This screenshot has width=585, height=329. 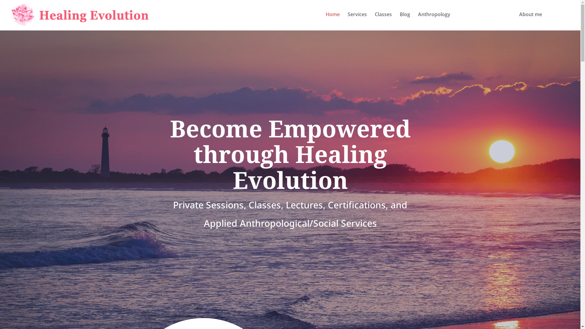 What do you see at coordinates (399, 20) in the screenshot?
I see `'Blog'` at bounding box center [399, 20].